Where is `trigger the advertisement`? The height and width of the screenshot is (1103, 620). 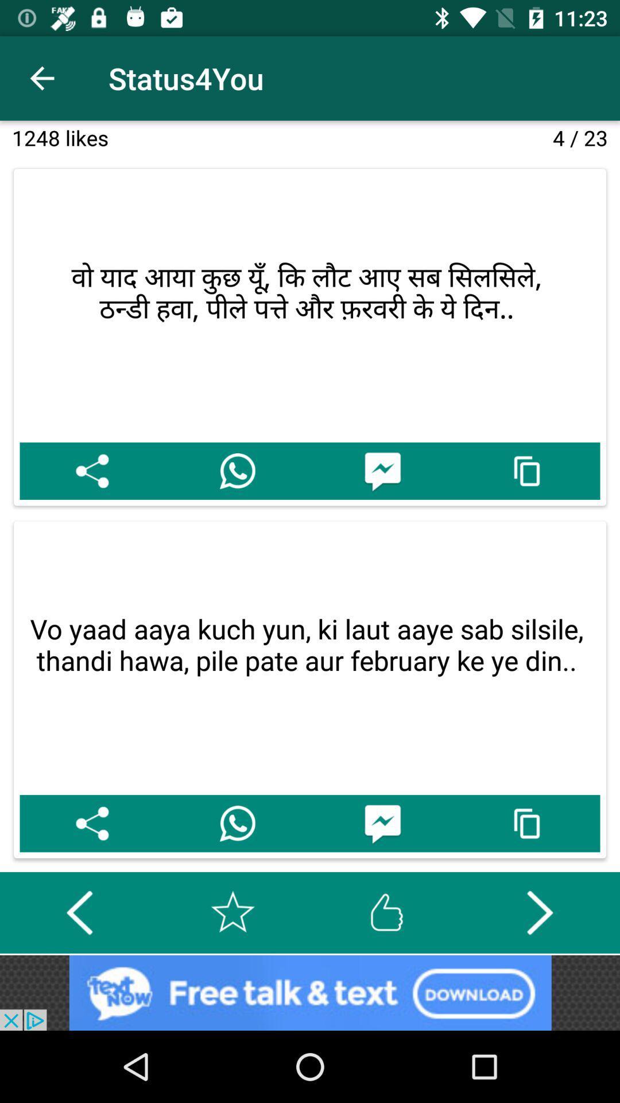
trigger the advertisement is located at coordinates (310, 992).